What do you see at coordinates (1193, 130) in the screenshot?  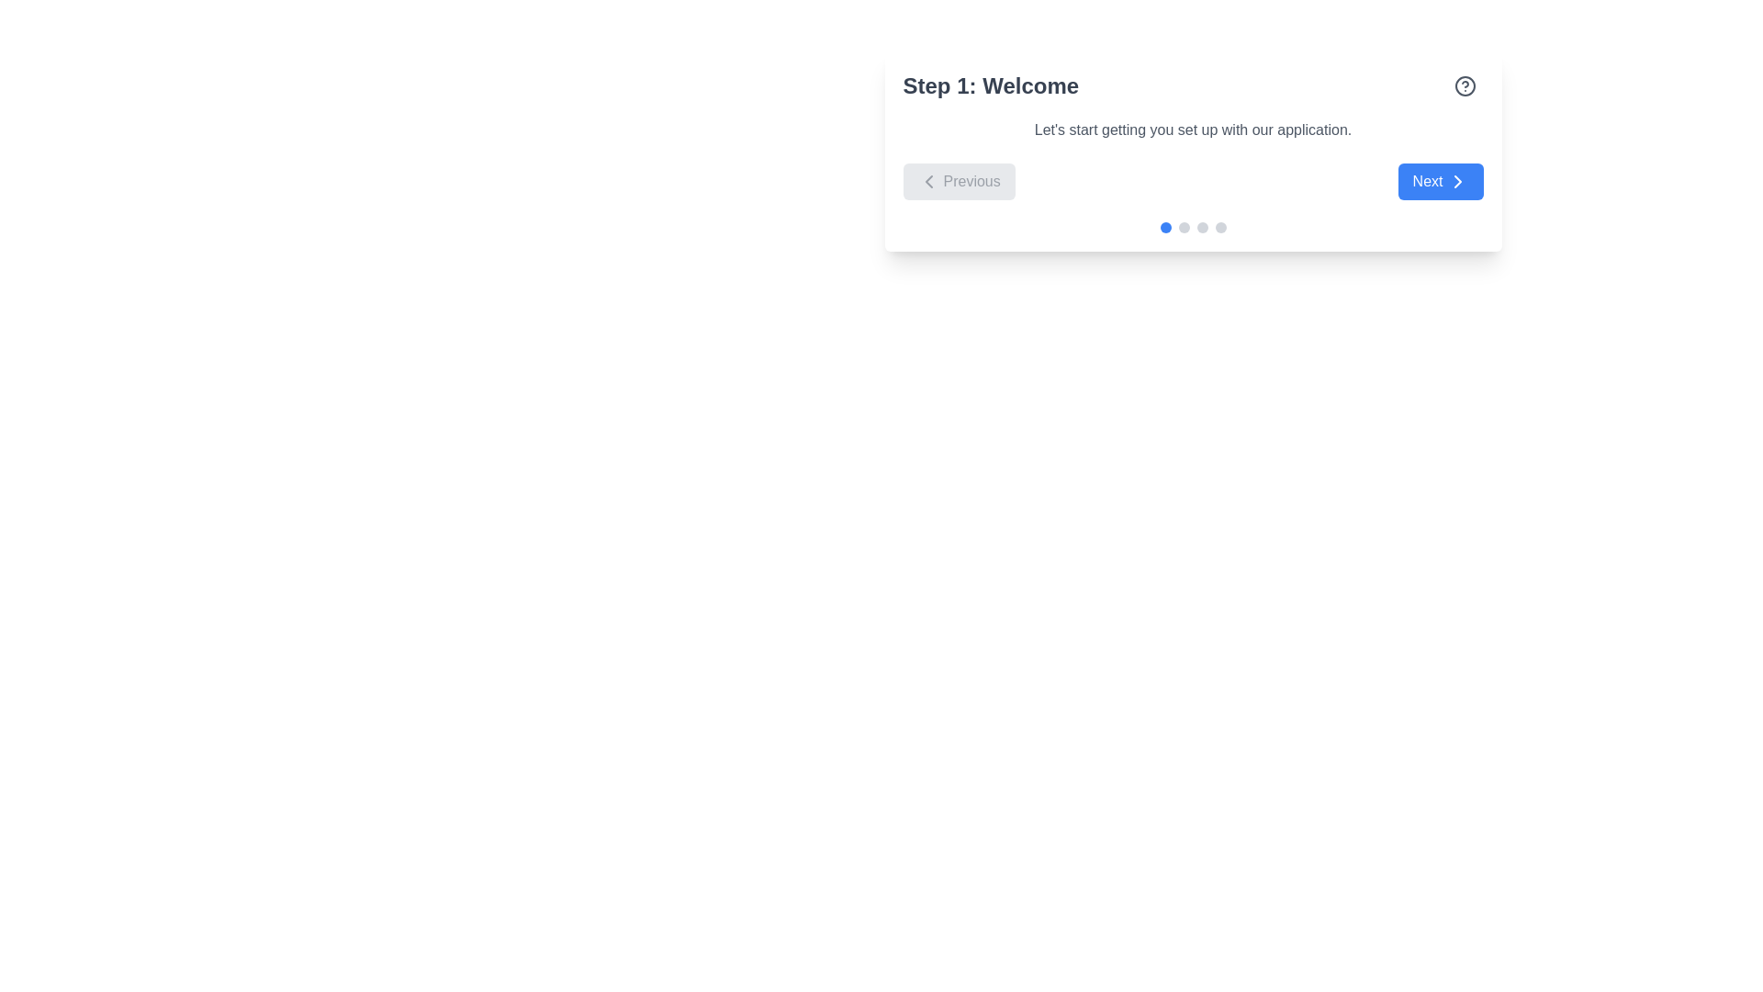 I see `the text label that reads 'Let's start getting you set up with our application.' which is styled with a muted gray font and positioned below the headline 'Step 1: Welcome'` at bounding box center [1193, 130].